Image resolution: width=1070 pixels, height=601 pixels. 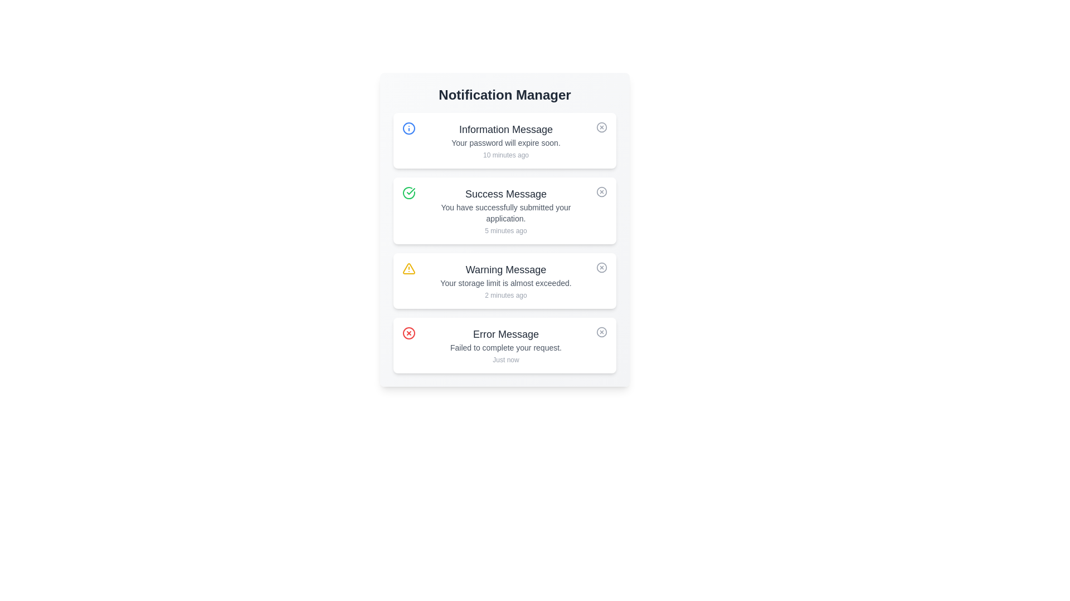 I want to click on static text heading at the top center of the notification panel to gain context for the content below, so click(x=504, y=94).